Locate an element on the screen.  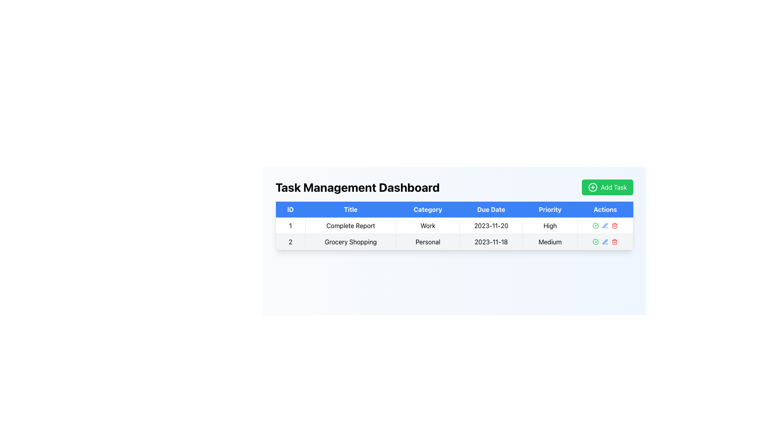
the text label 'Grocery Shopping' in the second column of the second row of the 'Task Management Dashboard' is located at coordinates (350, 242).